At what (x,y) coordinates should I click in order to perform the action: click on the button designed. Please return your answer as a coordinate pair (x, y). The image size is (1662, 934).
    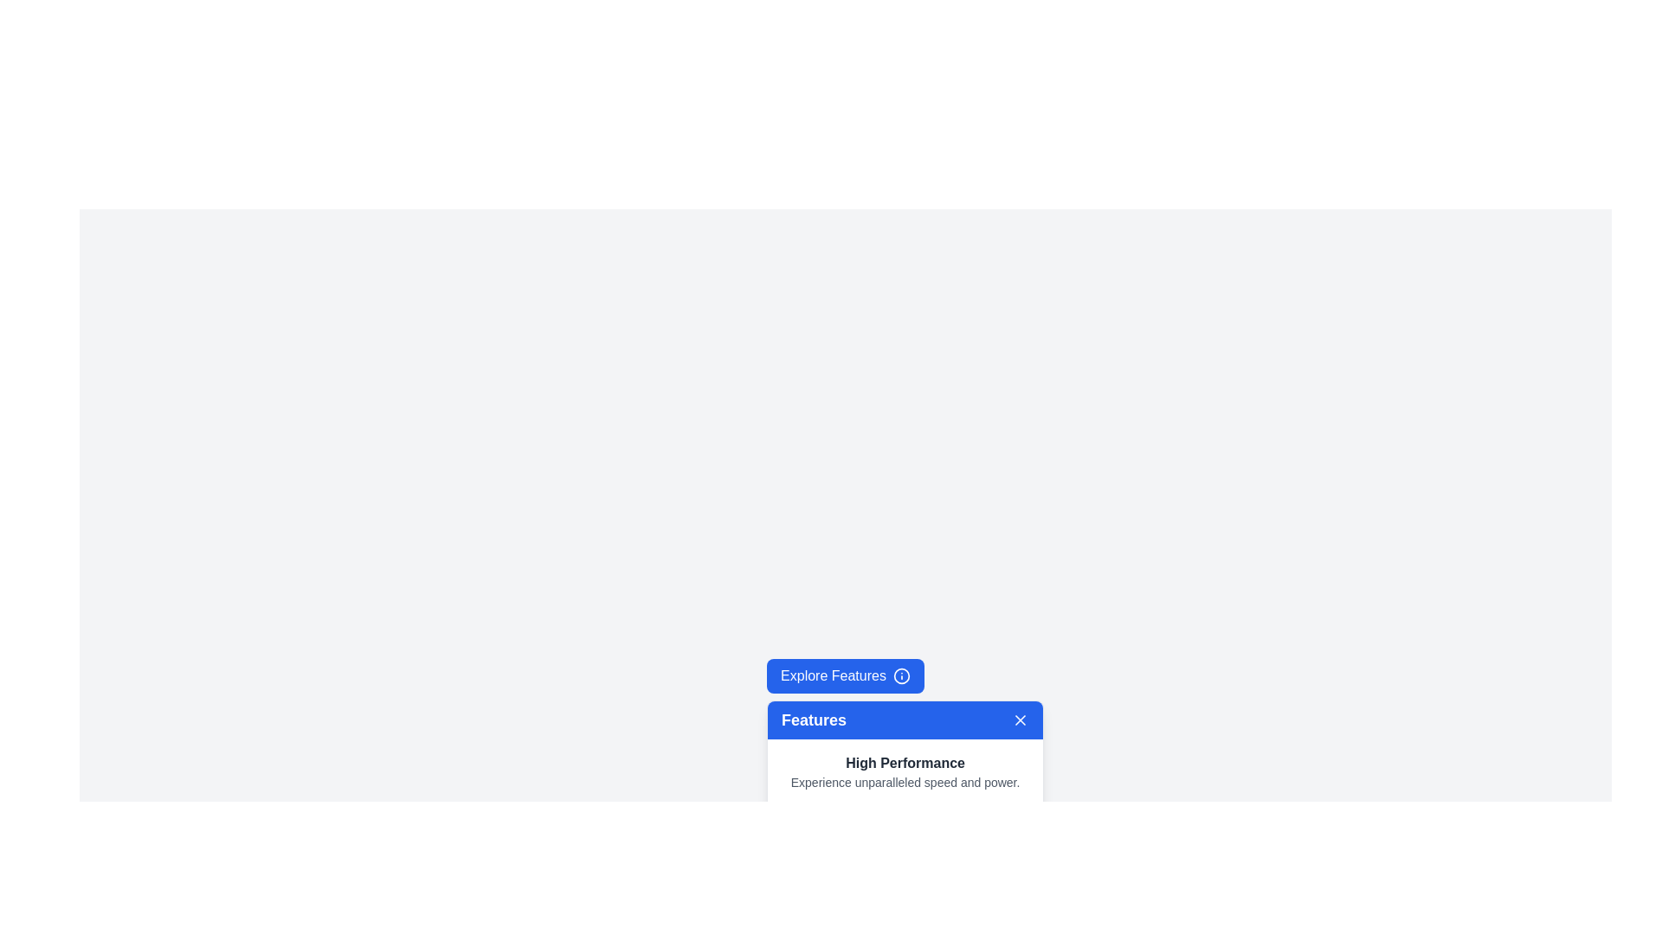
    Looking at the image, I should click on (846, 675).